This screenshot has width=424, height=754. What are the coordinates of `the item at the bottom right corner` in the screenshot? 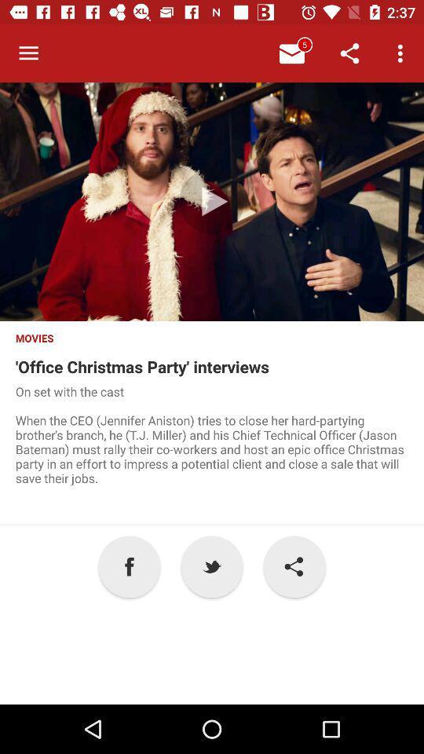 It's located at (294, 565).